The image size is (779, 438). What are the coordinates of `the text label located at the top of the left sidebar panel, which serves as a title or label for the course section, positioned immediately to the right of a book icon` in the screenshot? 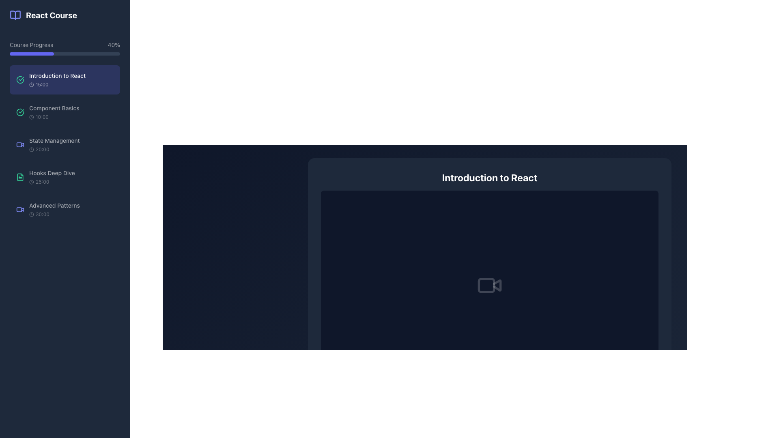 It's located at (51, 15).